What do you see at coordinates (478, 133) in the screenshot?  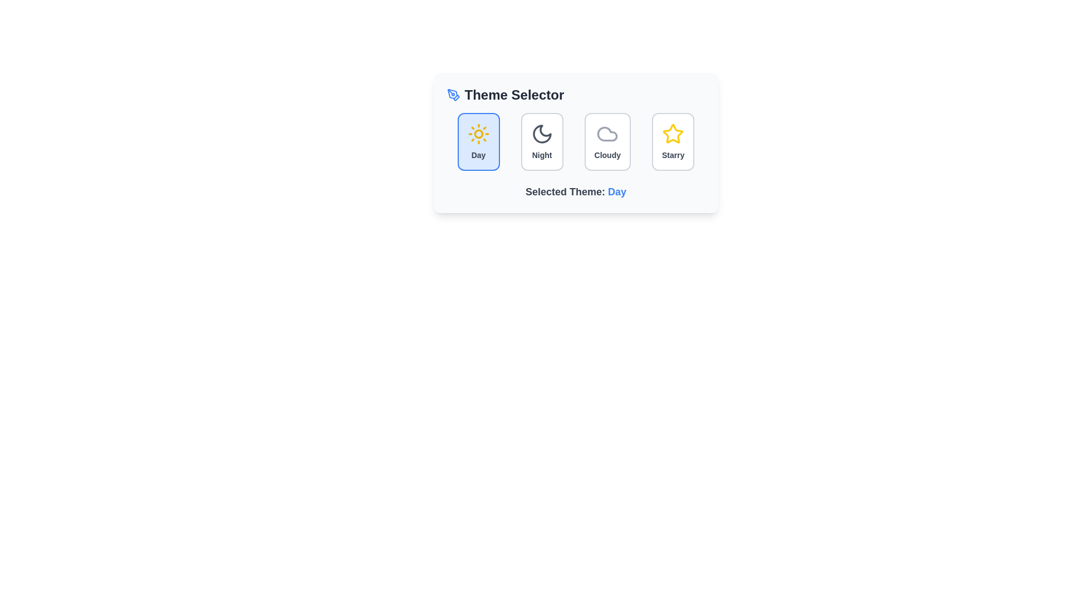 I see `the decorative icon representing the 'Day' theme, located at the center of the 'Day' button in the theme selection interface` at bounding box center [478, 133].